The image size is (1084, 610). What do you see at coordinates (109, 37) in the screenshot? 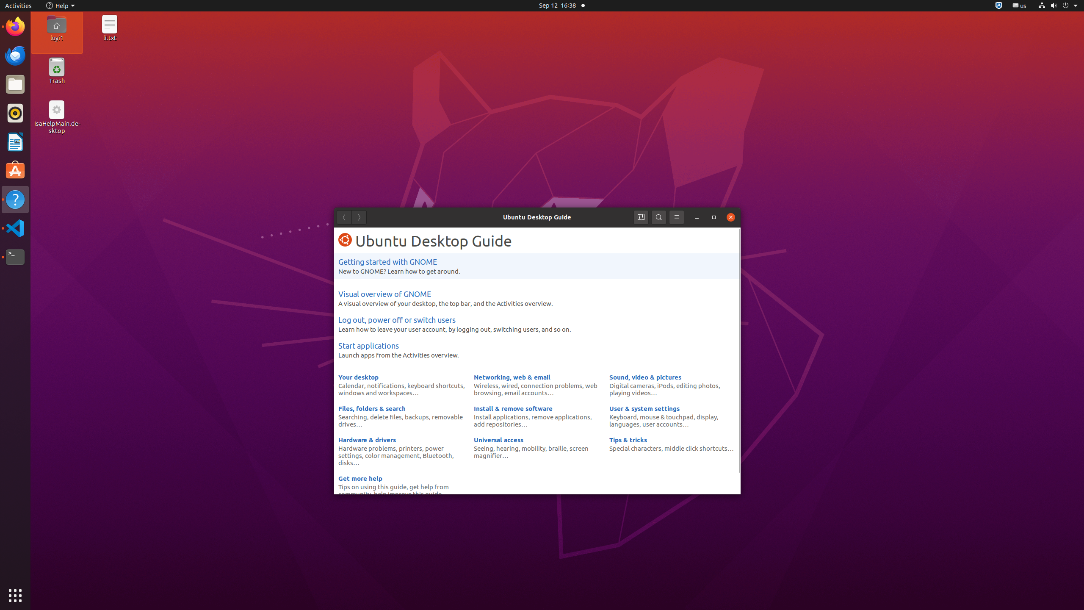
I see `'li.txt'` at bounding box center [109, 37].